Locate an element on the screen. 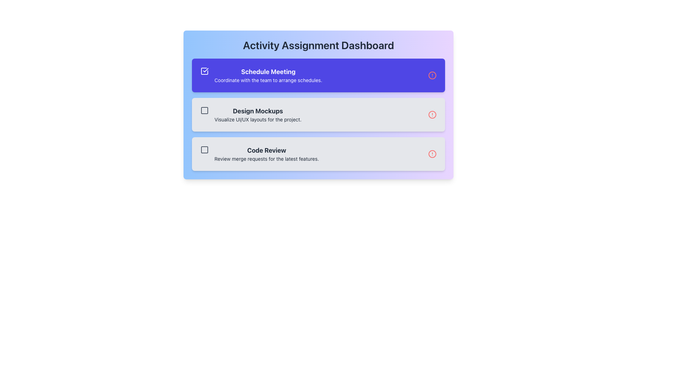 The height and width of the screenshot is (379, 675). static text that serves as a subtitle beneath the 'Code Review' title in the light gray rectangular card is located at coordinates (266, 159).